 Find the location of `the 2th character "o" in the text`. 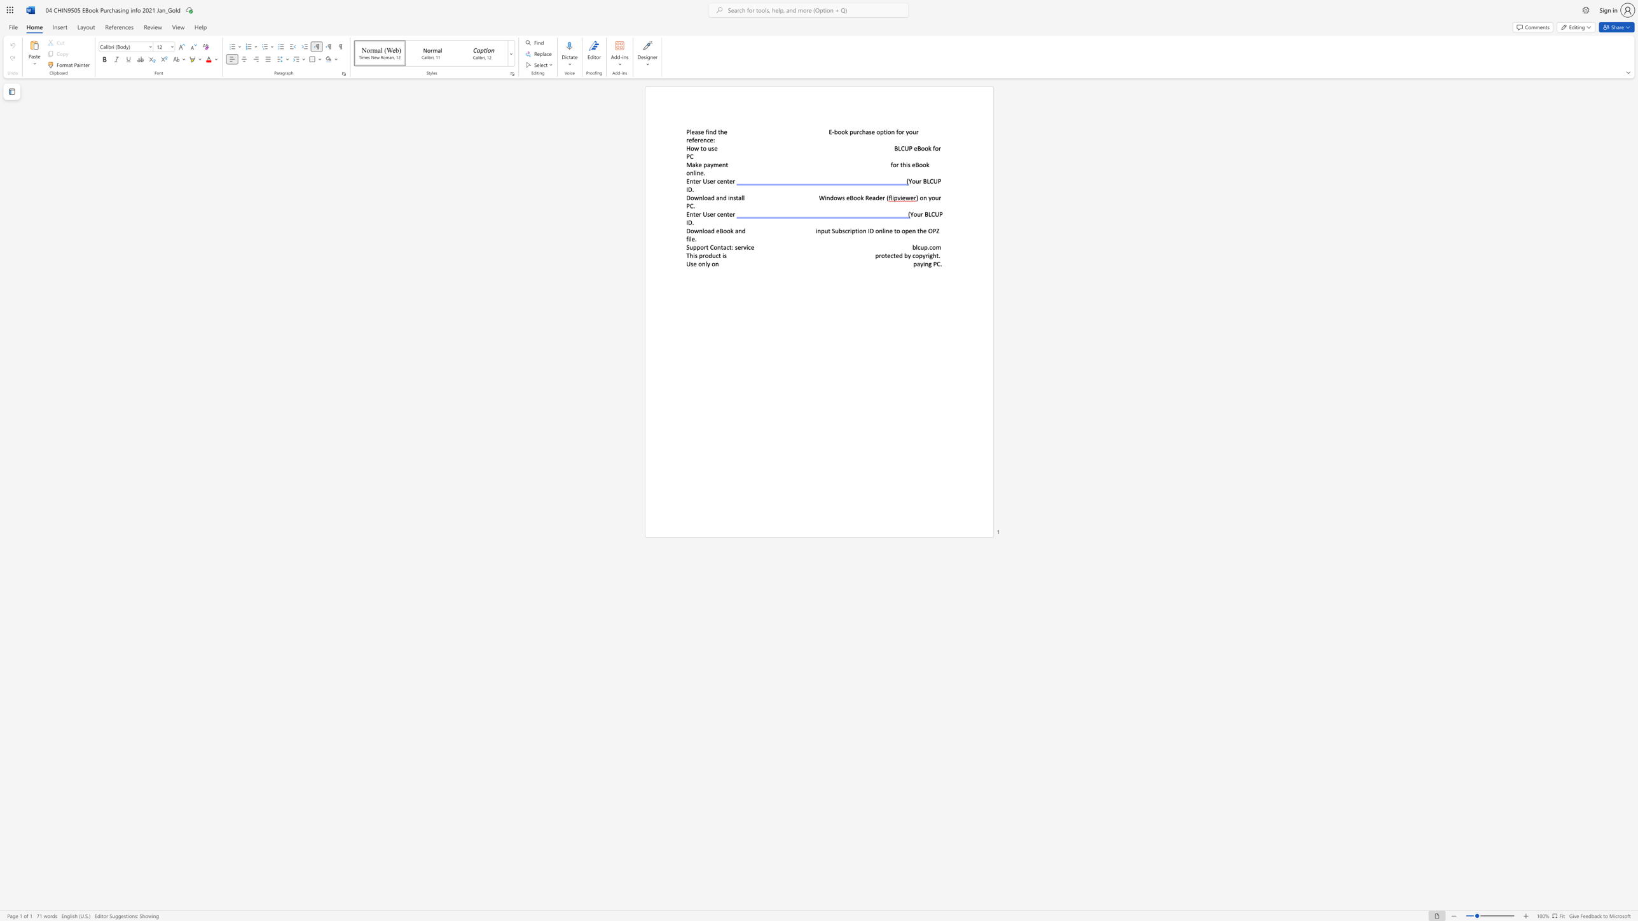

the 2th character "o" in the text is located at coordinates (715, 247).